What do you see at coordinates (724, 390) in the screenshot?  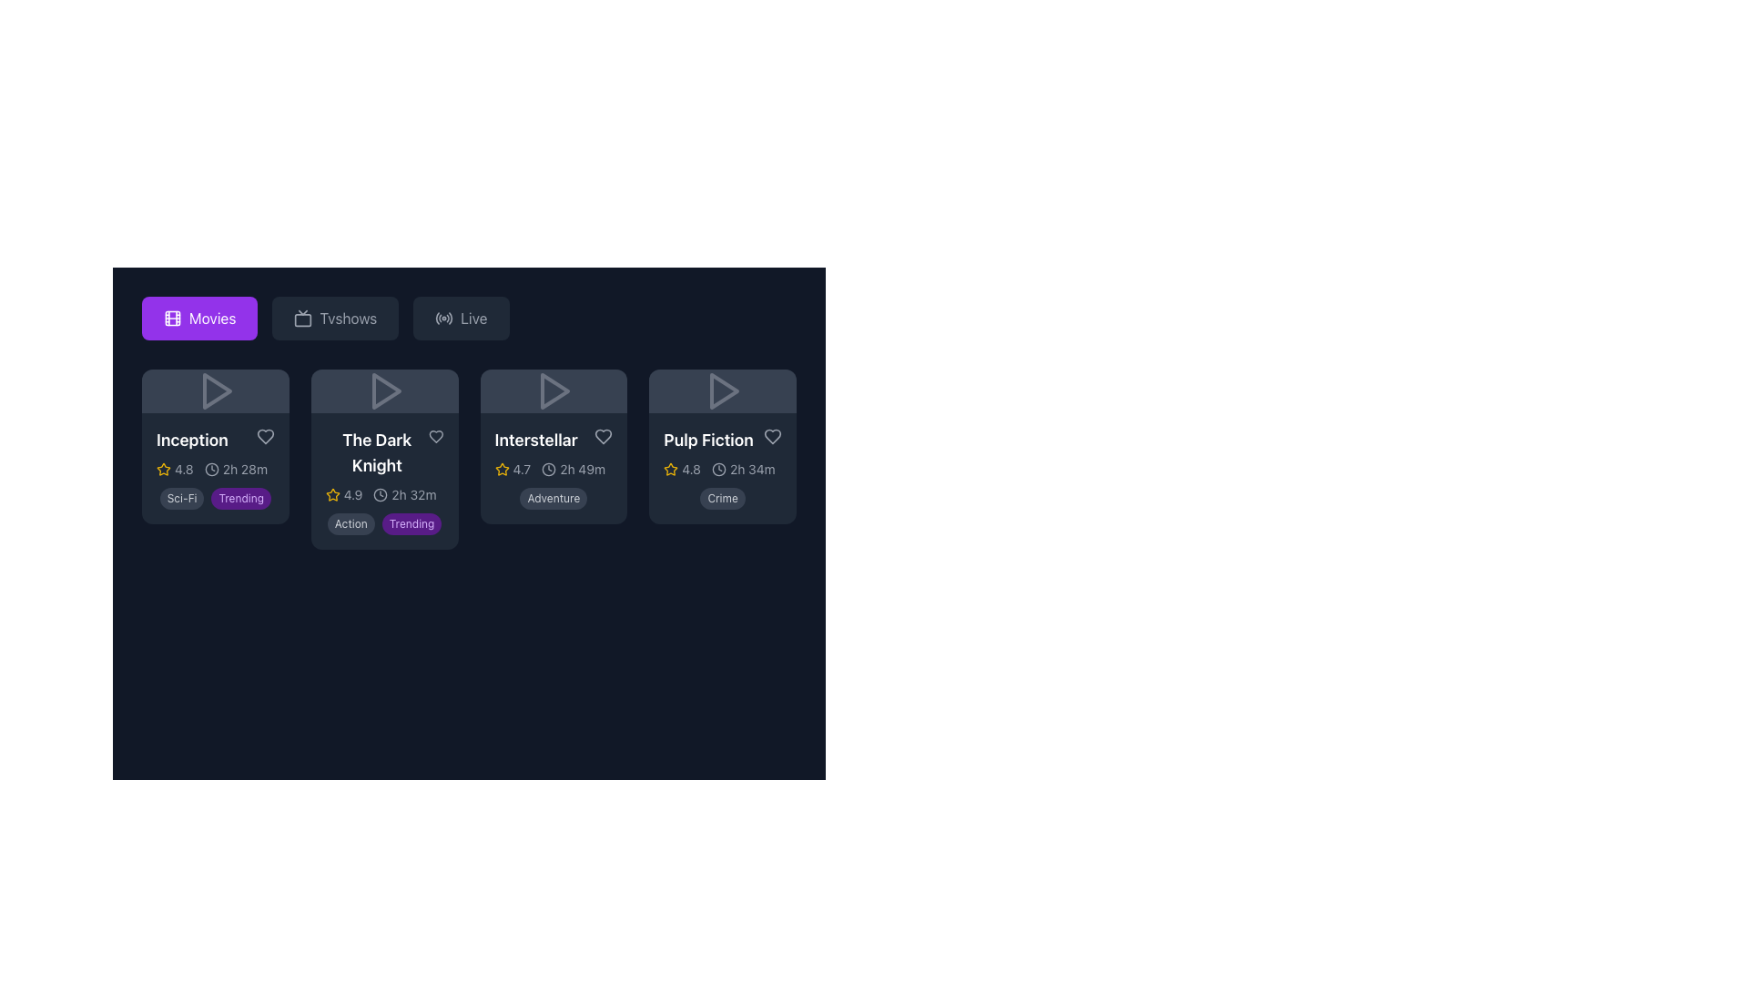 I see `the triangular play icon located in the top area of the 'Pulp Fiction' card to initiate media playback` at bounding box center [724, 390].